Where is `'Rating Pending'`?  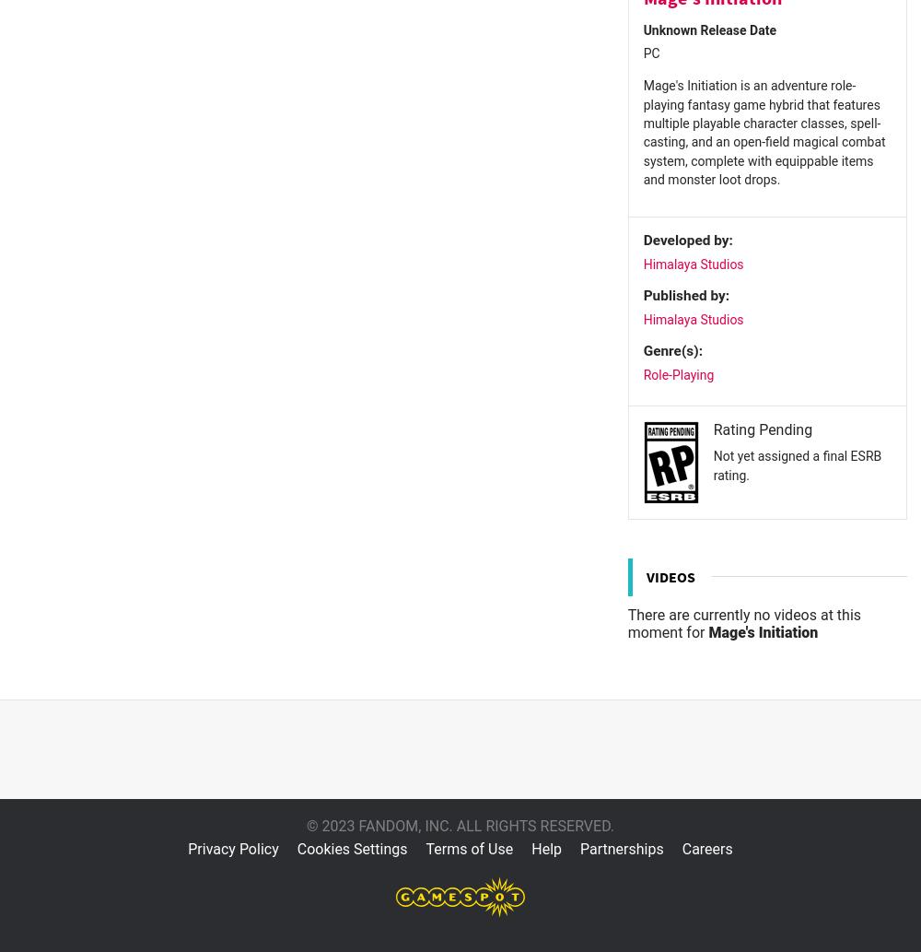
'Rating Pending' is located at coordinates (762, 429).